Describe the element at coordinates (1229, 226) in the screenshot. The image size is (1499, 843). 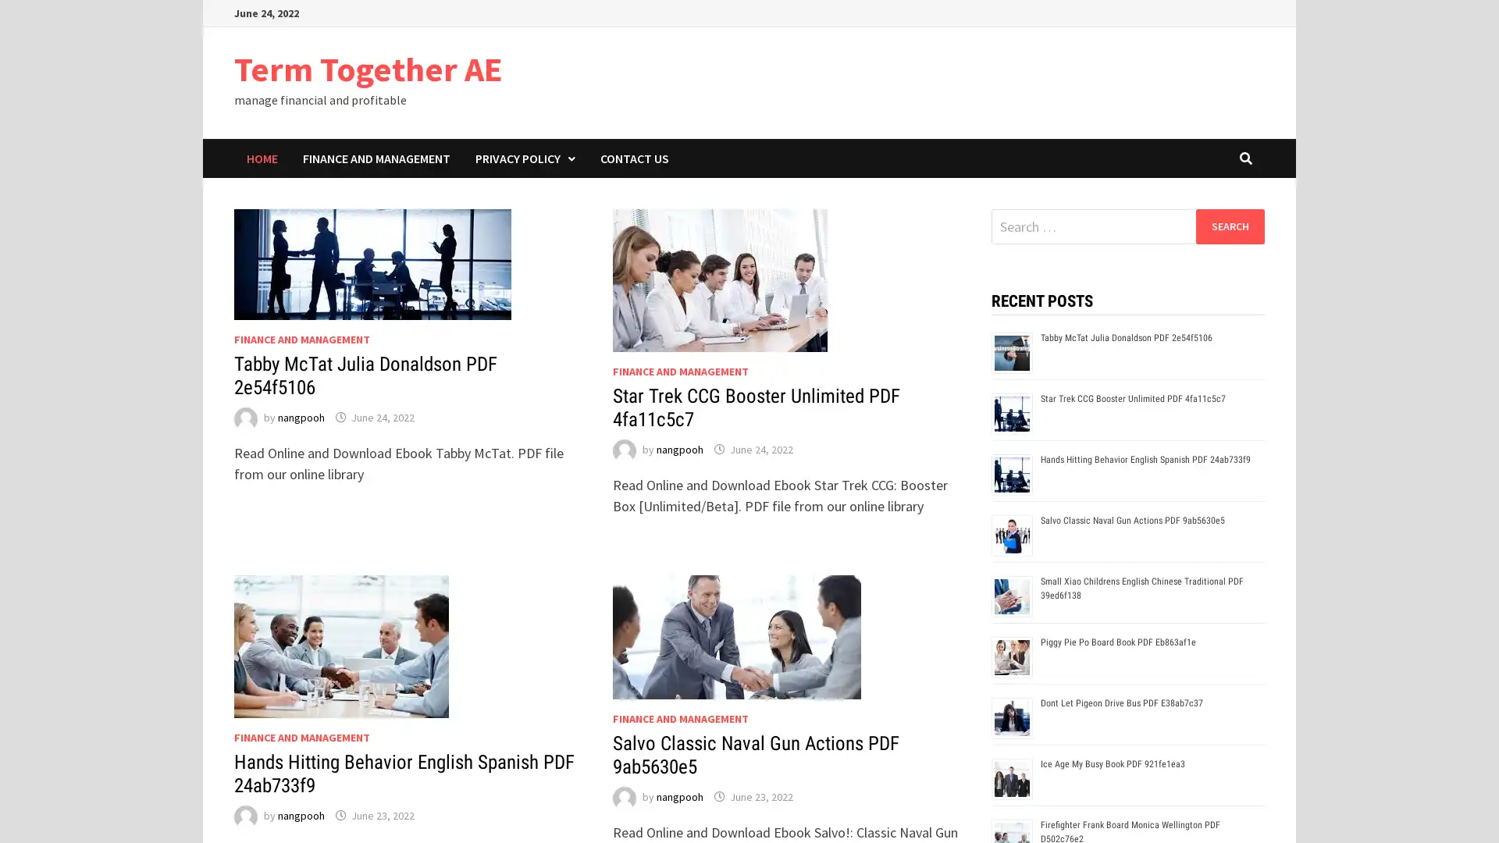
I see `Search` at that location.